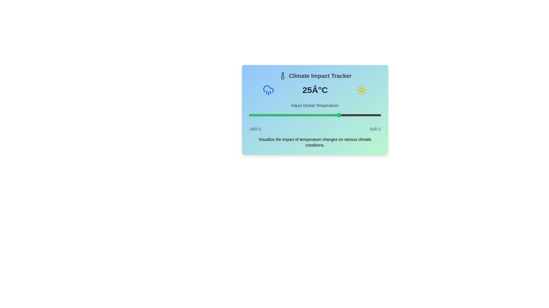 This screenshot has width=549, height=308. What do you see at coordinates (295, 115) in the screenshot?
I see `the slider to set the temperature to -2°C` at bounding box center [295, 115].